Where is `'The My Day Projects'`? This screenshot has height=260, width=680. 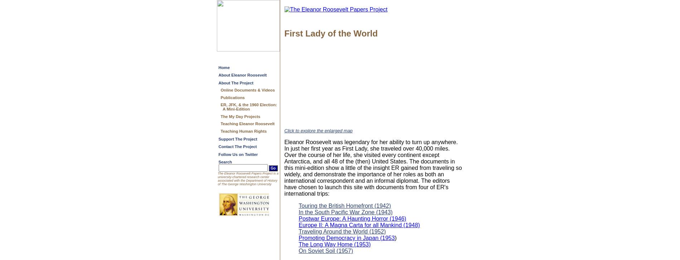 'The My Day Projects' is located at coordinates (240, 116).